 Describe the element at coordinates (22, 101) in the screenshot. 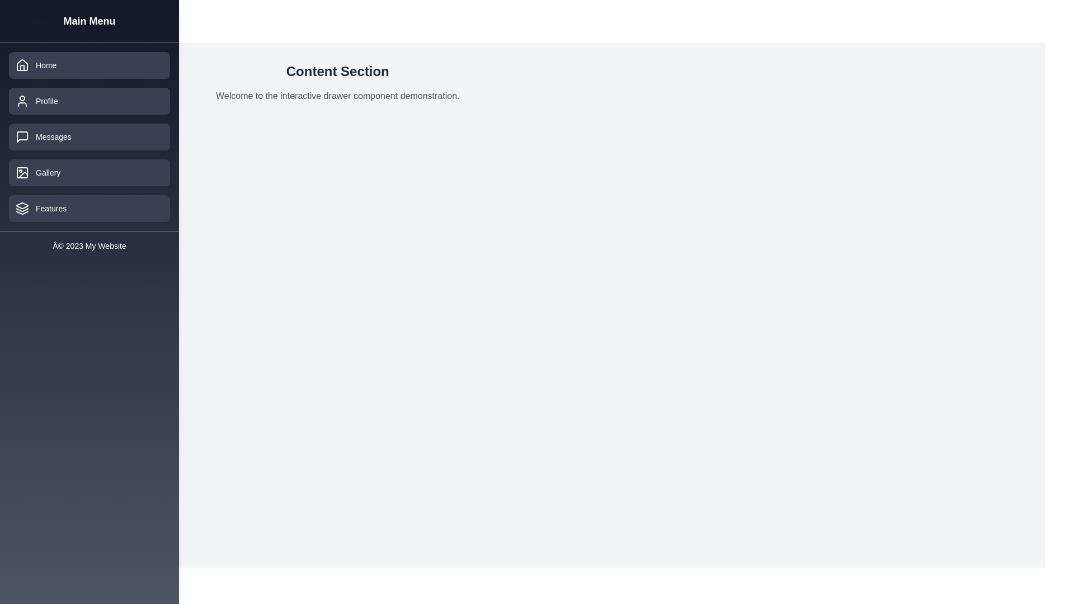

I see `the SVG Icon that represents the user profile or account settings, located inside the 'Profile' button in the left sidebar` at that location.